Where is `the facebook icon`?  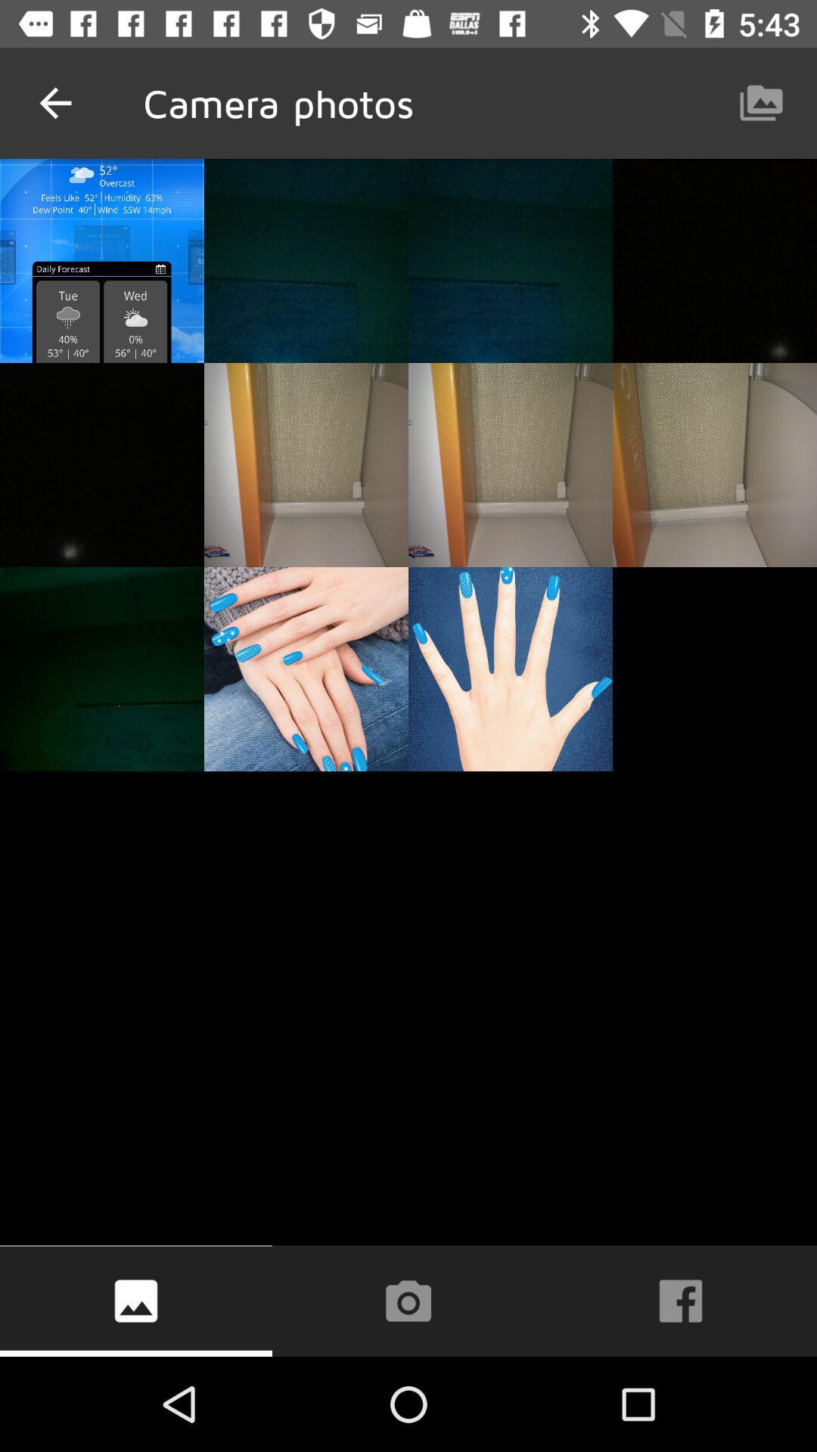
the facebook icon is located at coordinates (679, 1300).